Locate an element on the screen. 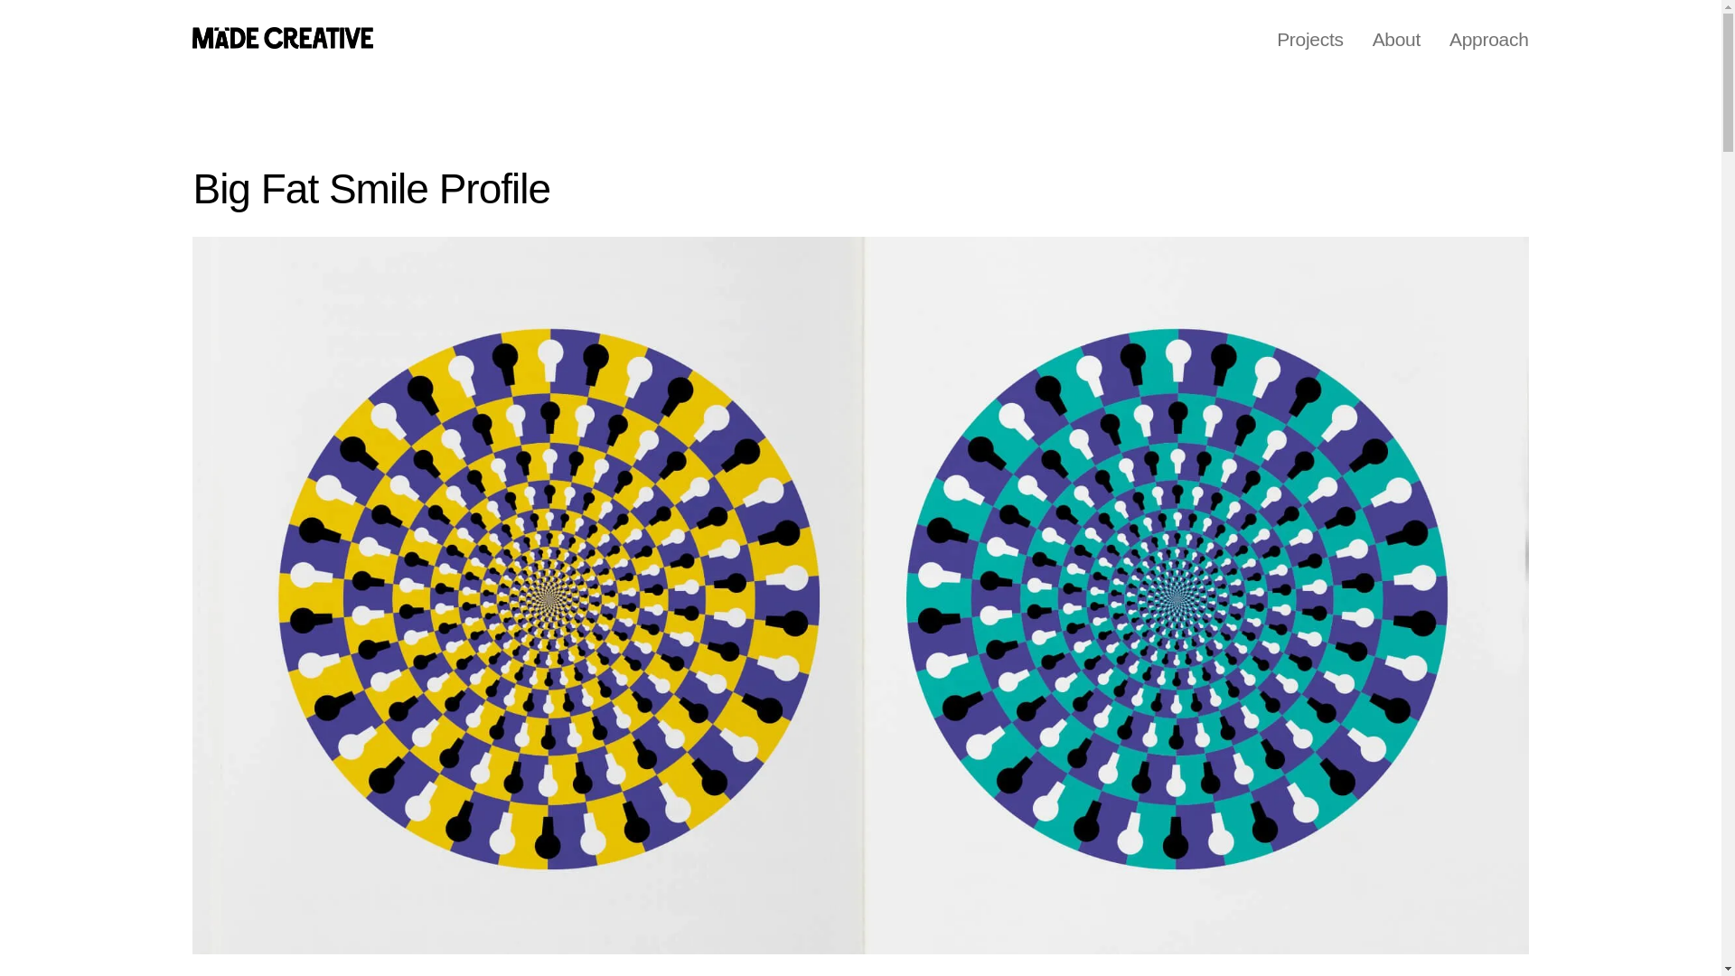  'About' is located at coordinates (1357, 39).